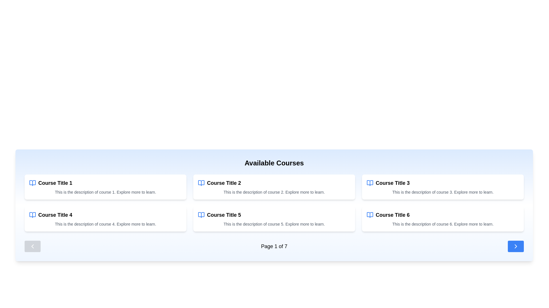 The width and height of the screenshot is (549, 308). What do you see at coordinates (201, 215) in the screenshot?
I see `the icon representing the course 'Course Title 5', located at the first position of the third card from the left in the grid layout` at bounding box center [201, 215].